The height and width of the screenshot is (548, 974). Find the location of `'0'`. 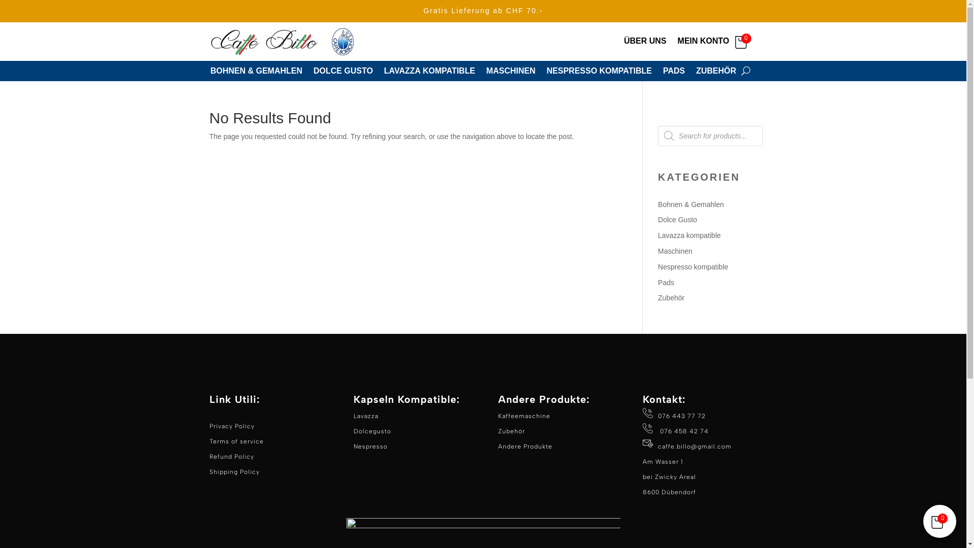

'0' is located at coordinates (743, 41).